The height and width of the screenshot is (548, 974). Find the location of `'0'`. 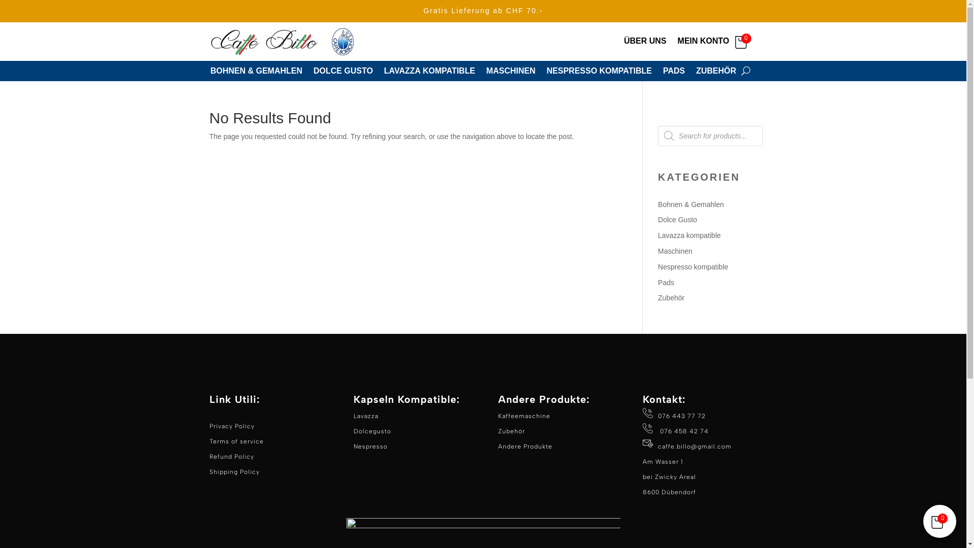

'0' is located at coordinates (743, 41).